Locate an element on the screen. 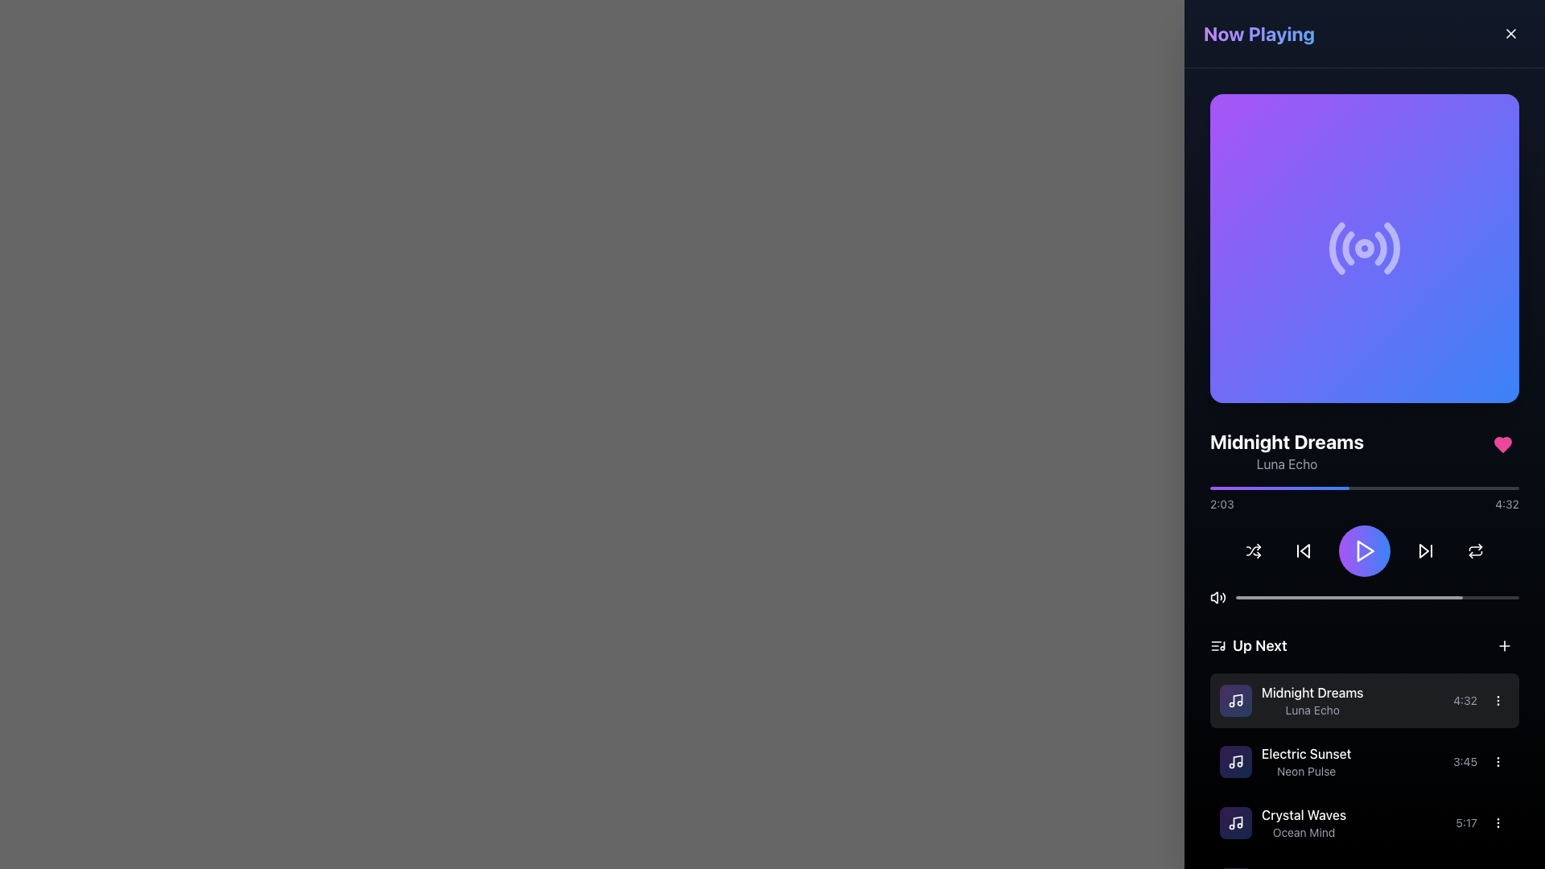 The height and width of the screenshot is (869, 1545). the 'Up Next' header label with the music list icon, which is styled in a large, bold font and is located in the lower part of the right-aligned sidebar is located at coordinates (1247, 645).